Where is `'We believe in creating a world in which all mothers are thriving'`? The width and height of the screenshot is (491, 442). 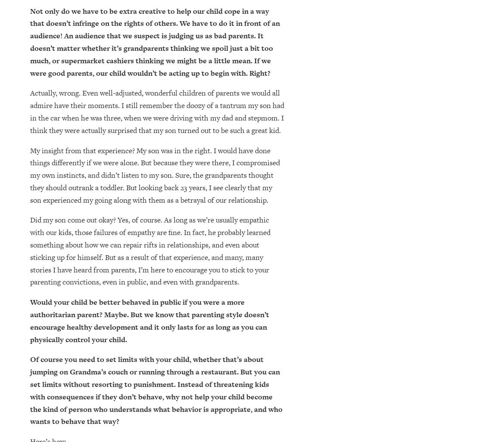
'We believe in creating a world in which all mothers are thriving' is located at coordinates (68, 371).